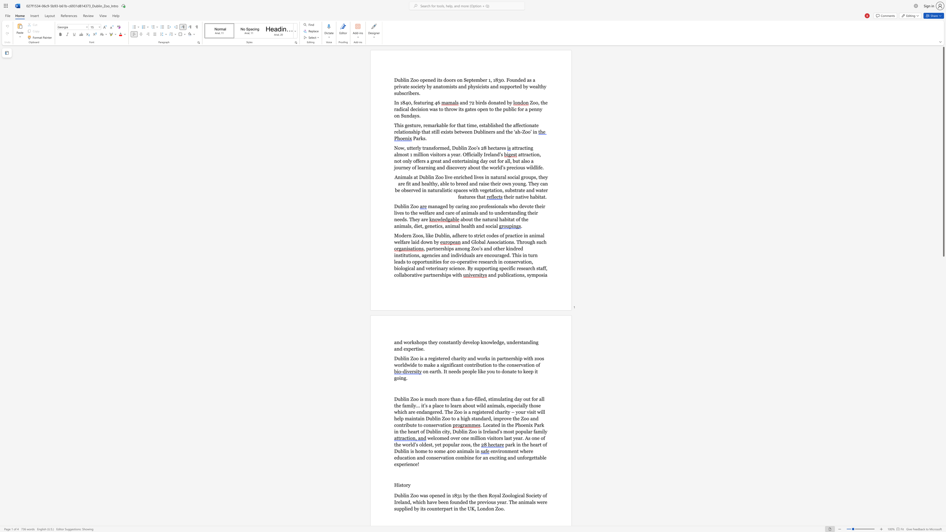 Image resolution: width=946 pixels, height=532 pixels. Describe the element at coordinates (494, 148) in the screenshot. I see `the 1th character "c" in the text` at that location.